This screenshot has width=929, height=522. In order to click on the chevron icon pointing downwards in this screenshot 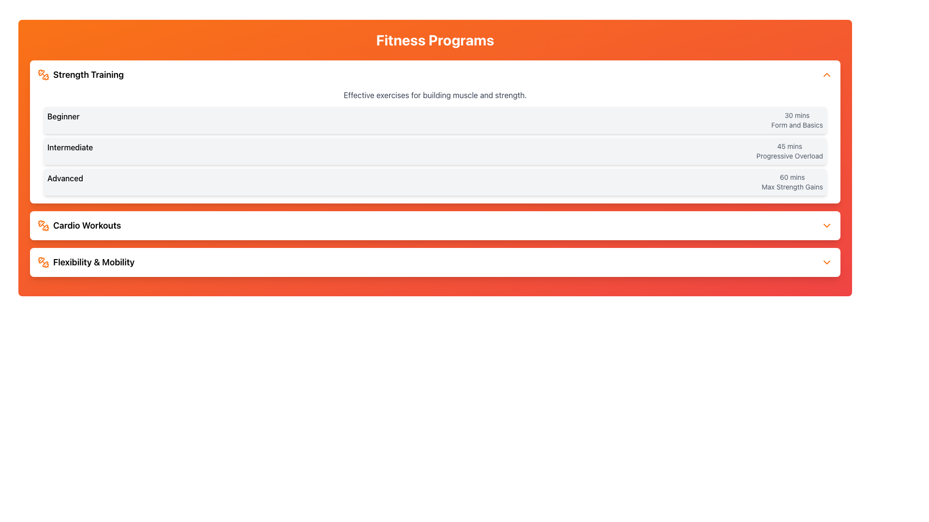, I will do `click(826, 225)`.